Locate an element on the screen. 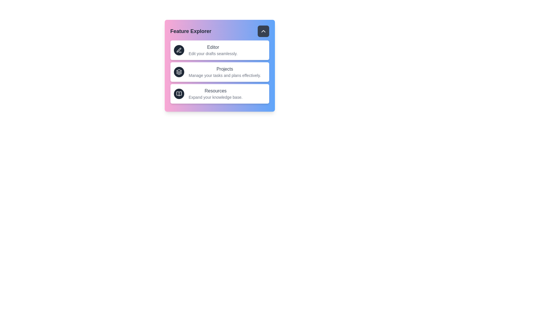 This screenshot has width=551, height=310. the Editor icon to interact with the corresponding feature is located at coordinates (179, 50).